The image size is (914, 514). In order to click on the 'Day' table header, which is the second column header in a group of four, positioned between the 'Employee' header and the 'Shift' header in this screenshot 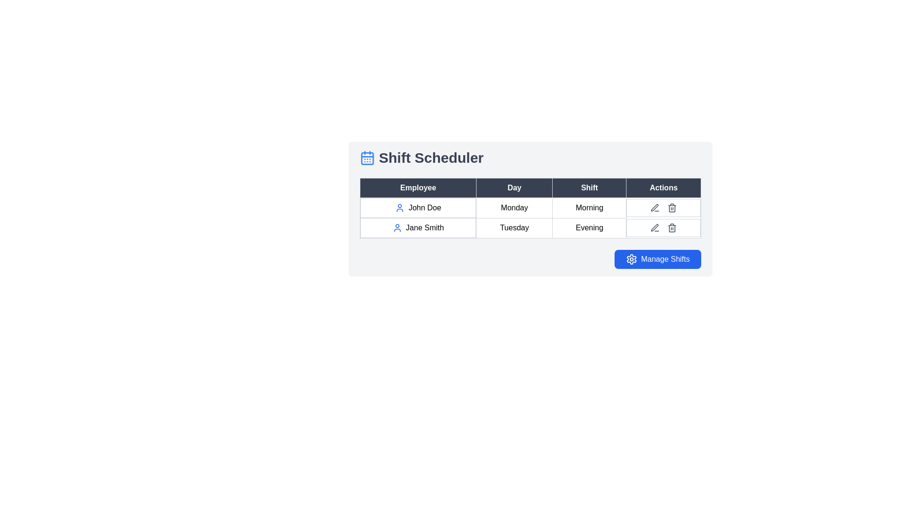, I will do `click(514, 188)`.